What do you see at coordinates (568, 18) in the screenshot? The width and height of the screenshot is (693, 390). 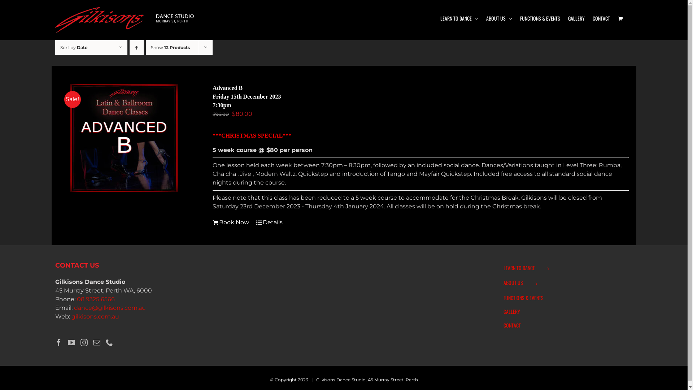 I see `'GALLERY'` at bounding box center [568, 18].